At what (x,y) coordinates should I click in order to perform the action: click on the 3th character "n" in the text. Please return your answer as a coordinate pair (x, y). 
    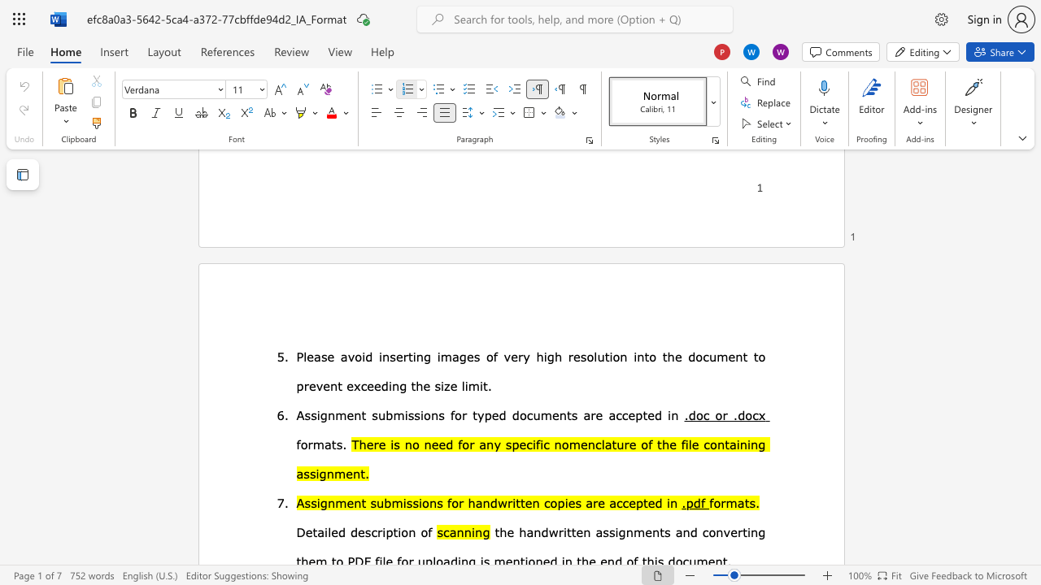
    Looking at the image, I should click on (434, 414).